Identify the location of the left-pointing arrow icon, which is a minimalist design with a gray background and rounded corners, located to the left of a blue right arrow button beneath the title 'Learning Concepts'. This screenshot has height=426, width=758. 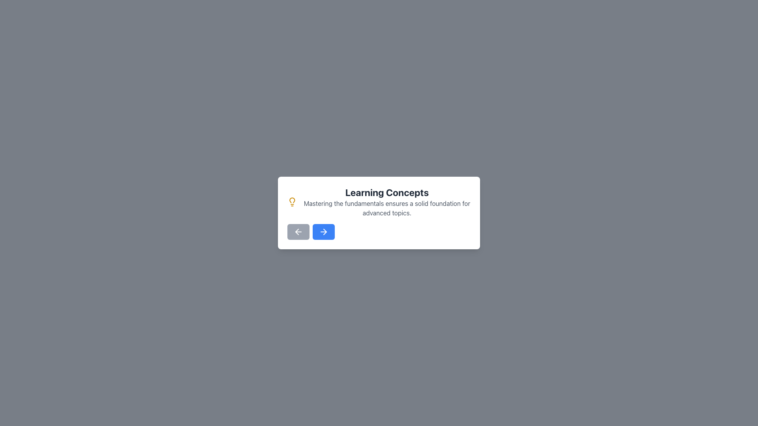
(298, 231).